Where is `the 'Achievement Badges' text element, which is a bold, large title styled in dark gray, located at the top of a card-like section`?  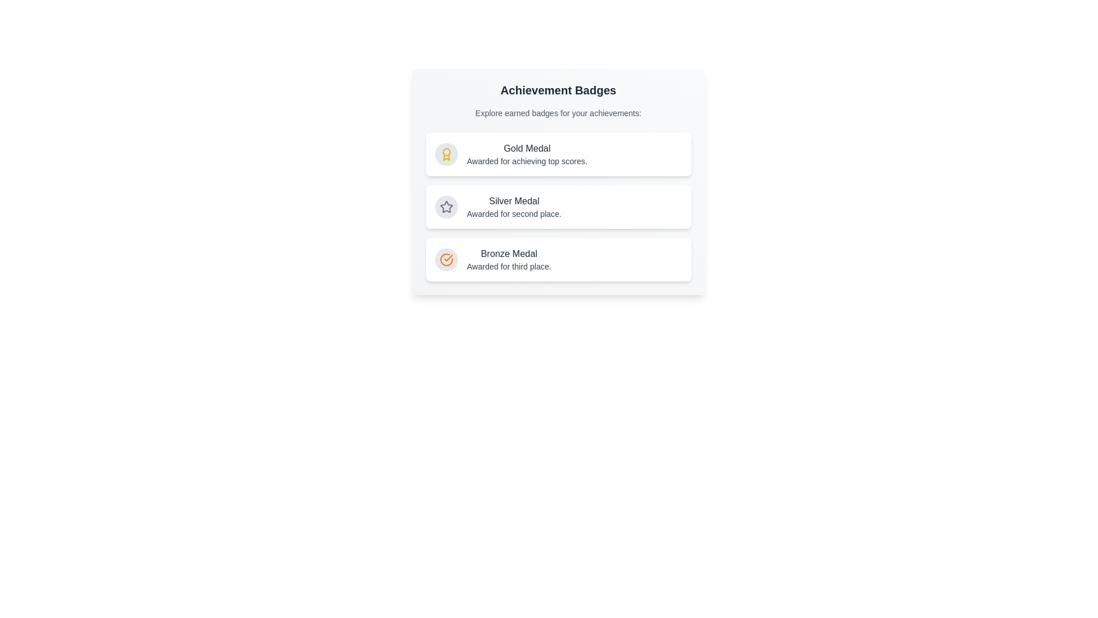 the 'Achievement Badges' text element, which is a bold, large title styled in dark gray, located at the top of a card-like section is located at coordinates (558, 90).